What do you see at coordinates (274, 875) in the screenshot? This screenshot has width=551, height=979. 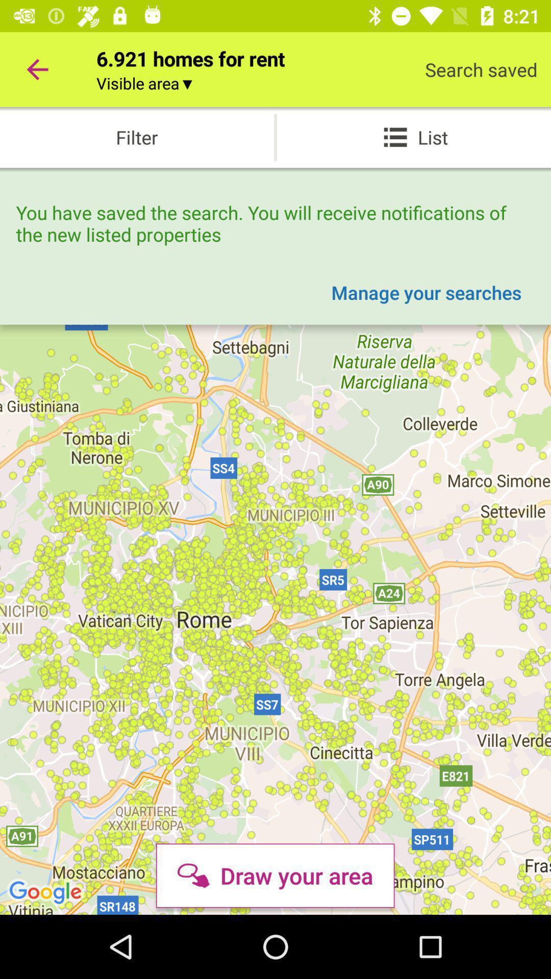 I see `draw your area` at bounding box center [274, 875].